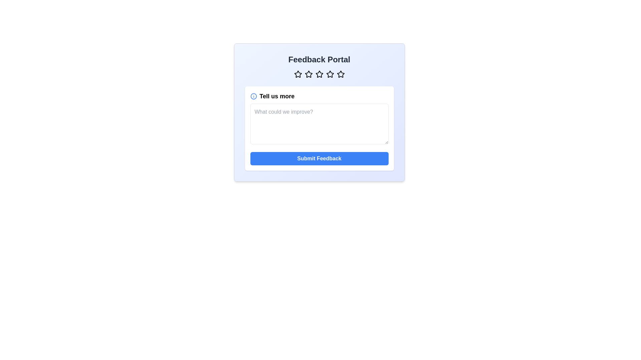 This screenshot has height=360, width=641. Describe the element at coordinates (308, 74) in the screenshot. I see `the third star in the five-star rating system` at that location.